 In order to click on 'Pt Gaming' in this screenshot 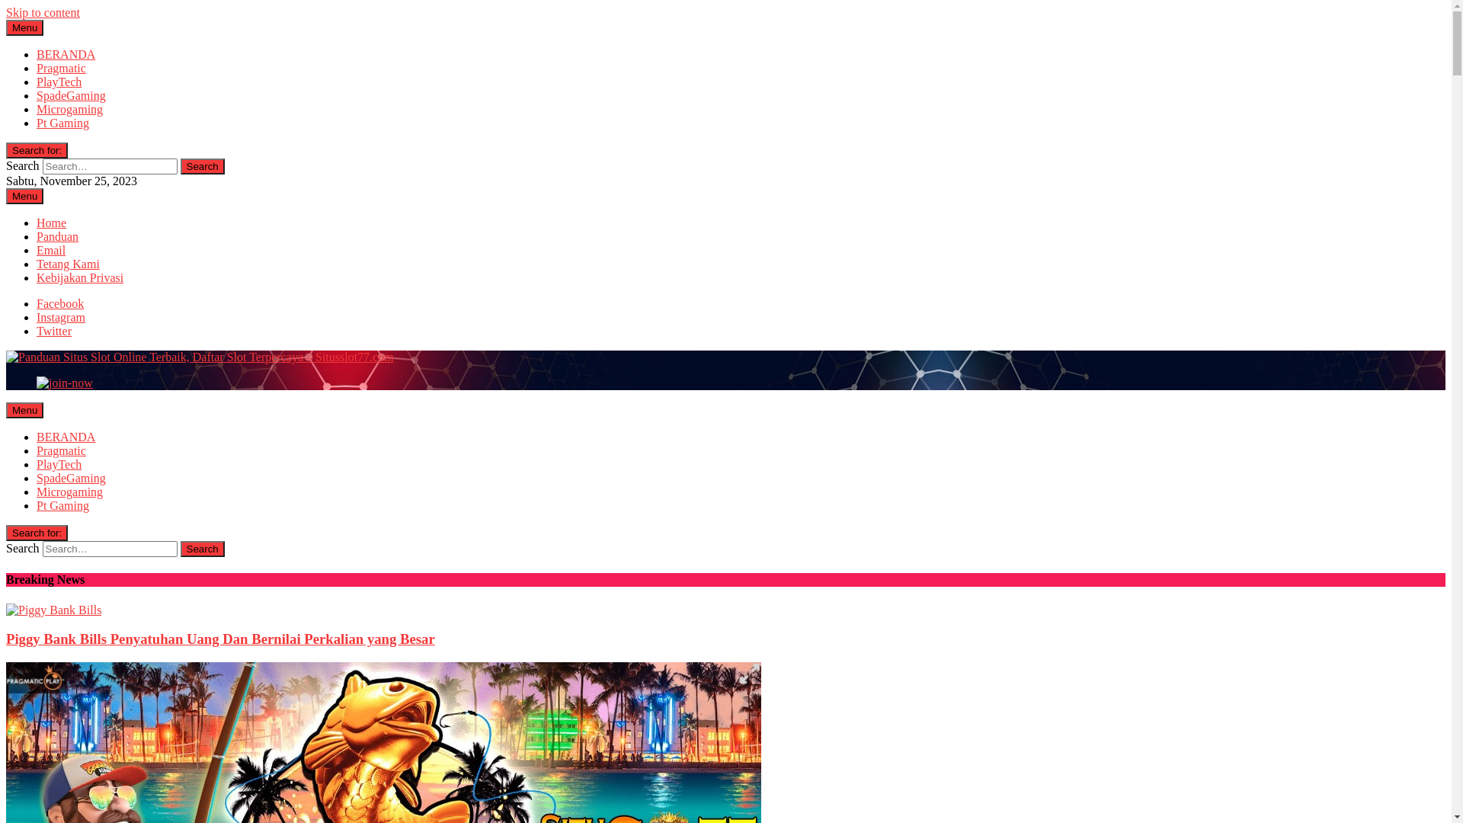, I will do `click(62, 505)`.